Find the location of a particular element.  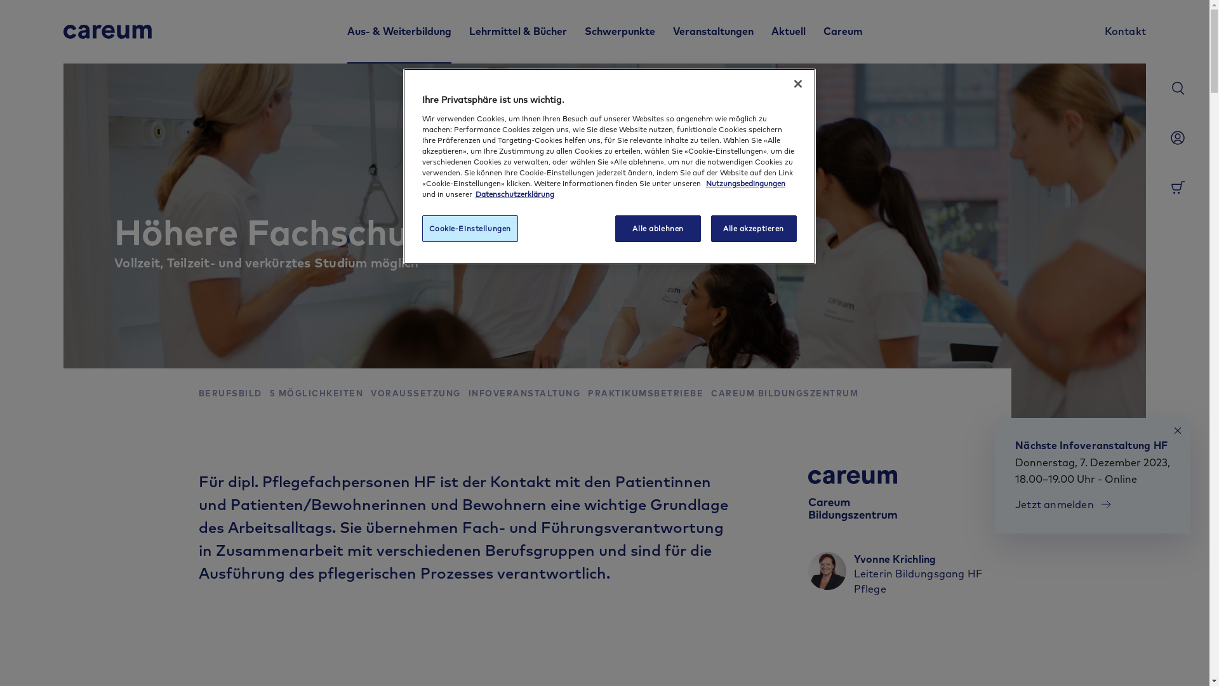

'Jetzt anmelden' is located at coordinates (1063, 504).